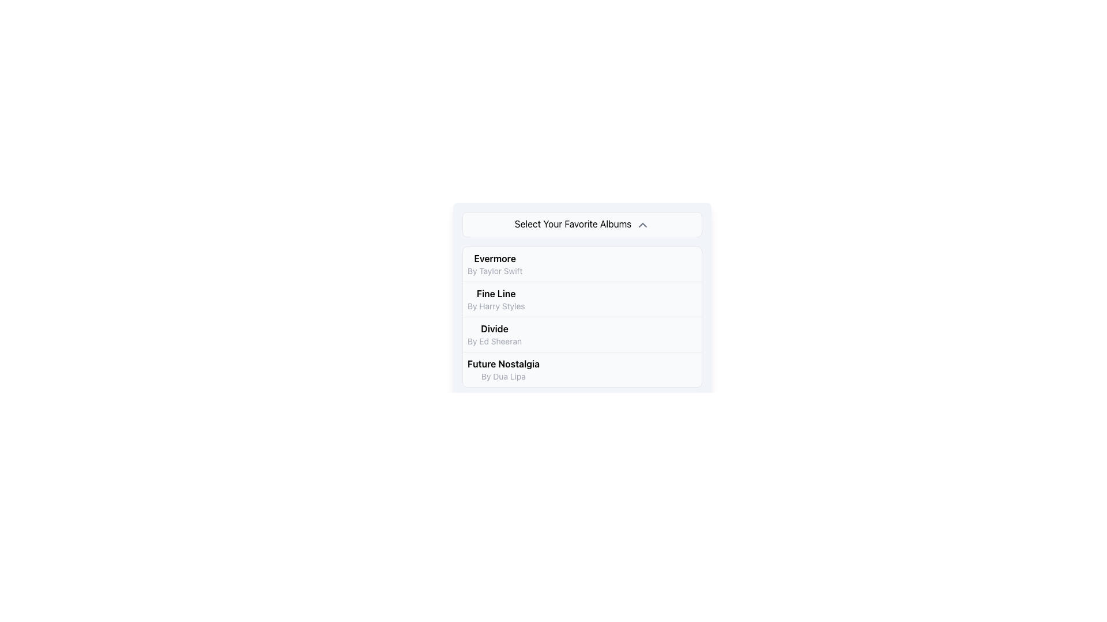  I want to click on the bottom-most entry, so click(503, 369).